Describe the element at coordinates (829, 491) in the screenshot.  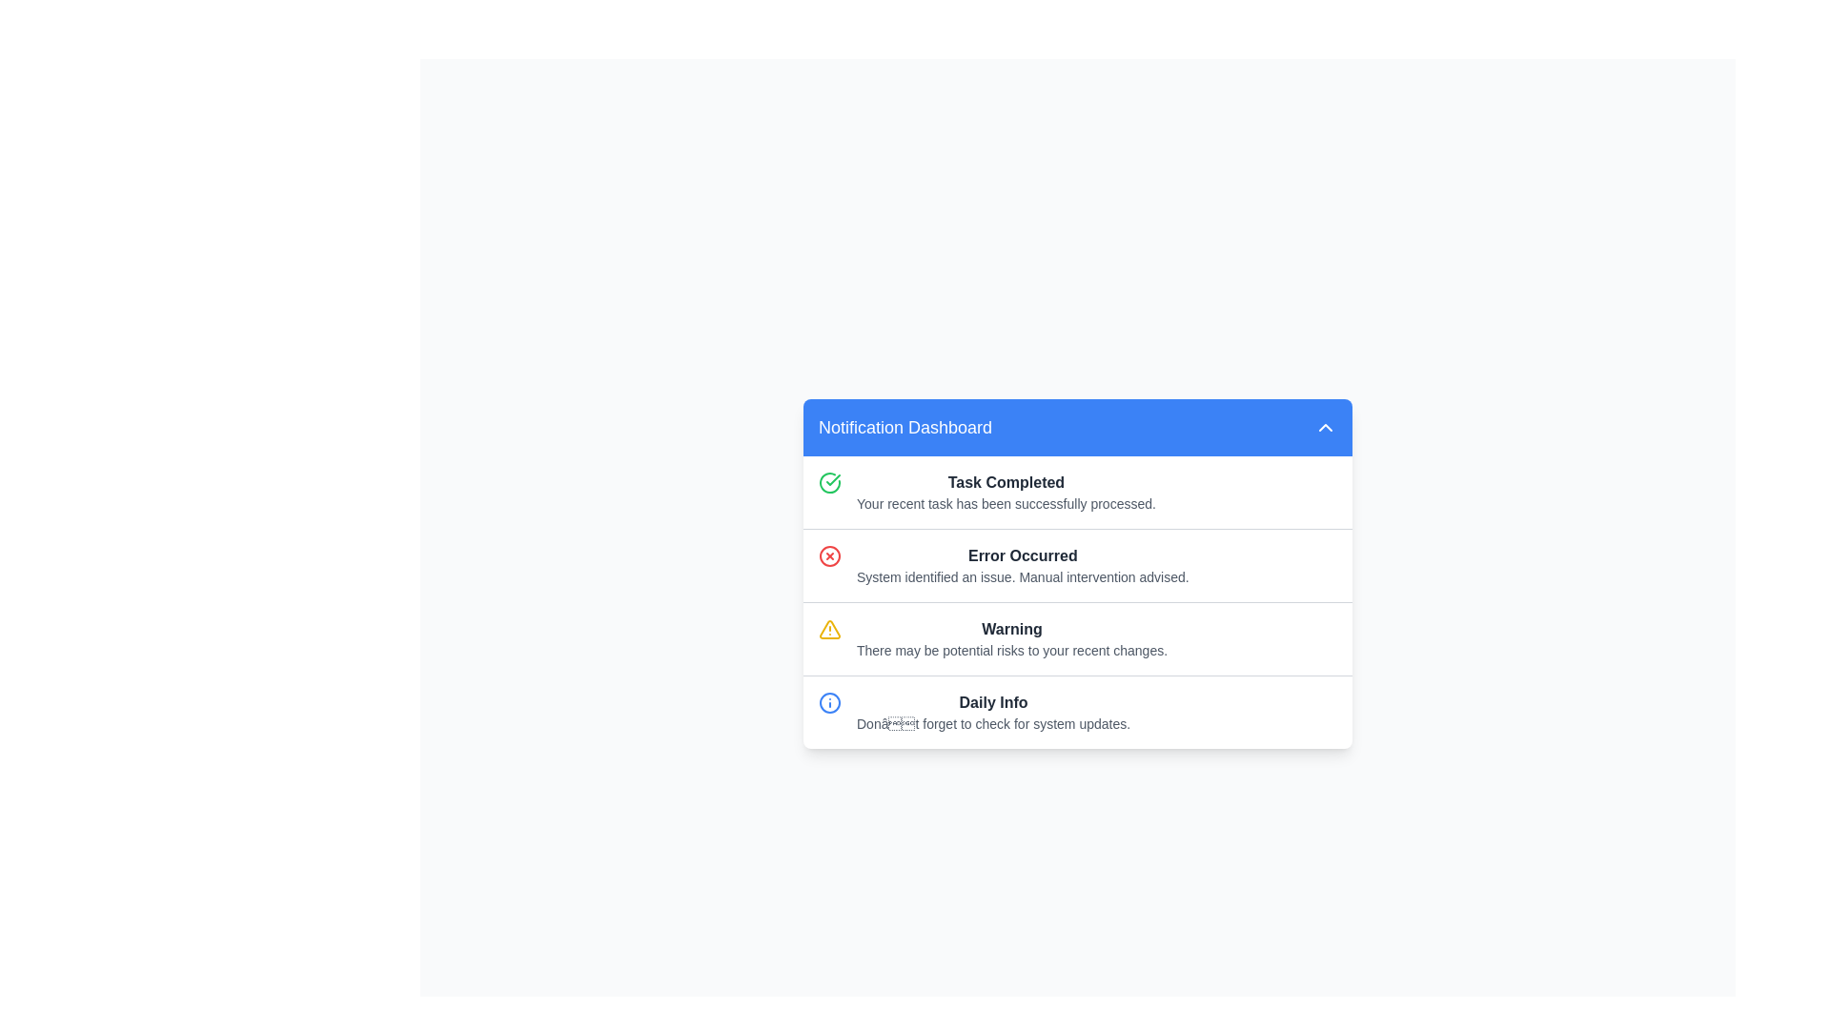
I see `the checkmark icon representing task completion located in the first row of the notification list next to 'Task Completed' in the 'Notification Dashboard'` at that location.